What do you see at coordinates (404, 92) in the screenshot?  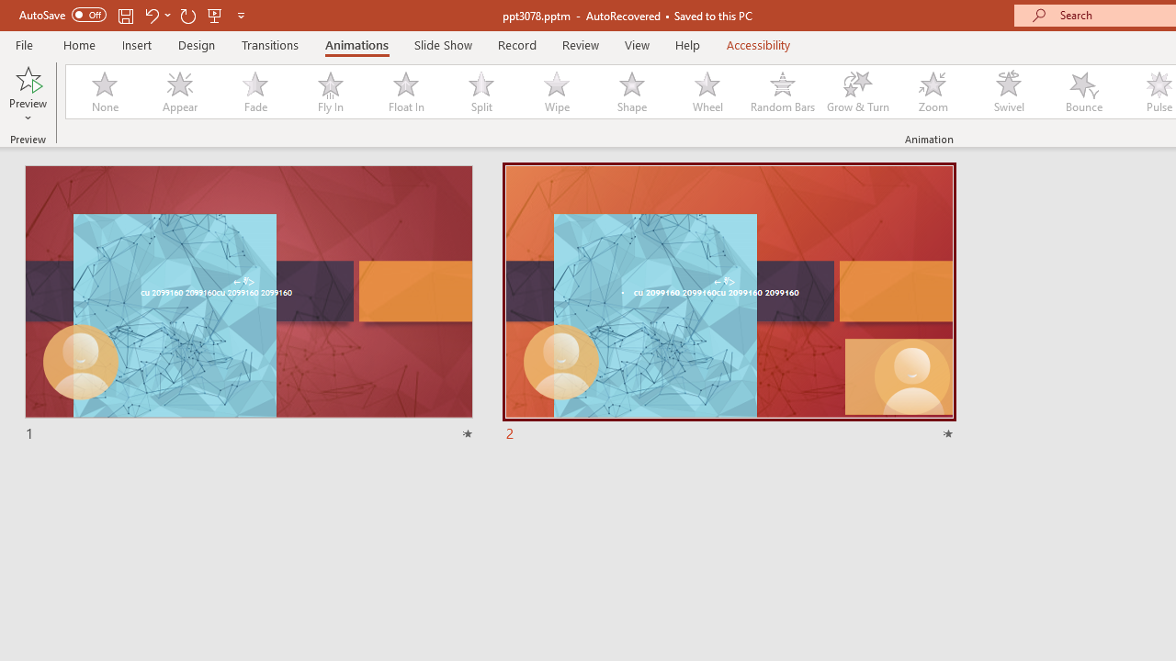 I see `'Float In'` at bounding box center [404, 92].